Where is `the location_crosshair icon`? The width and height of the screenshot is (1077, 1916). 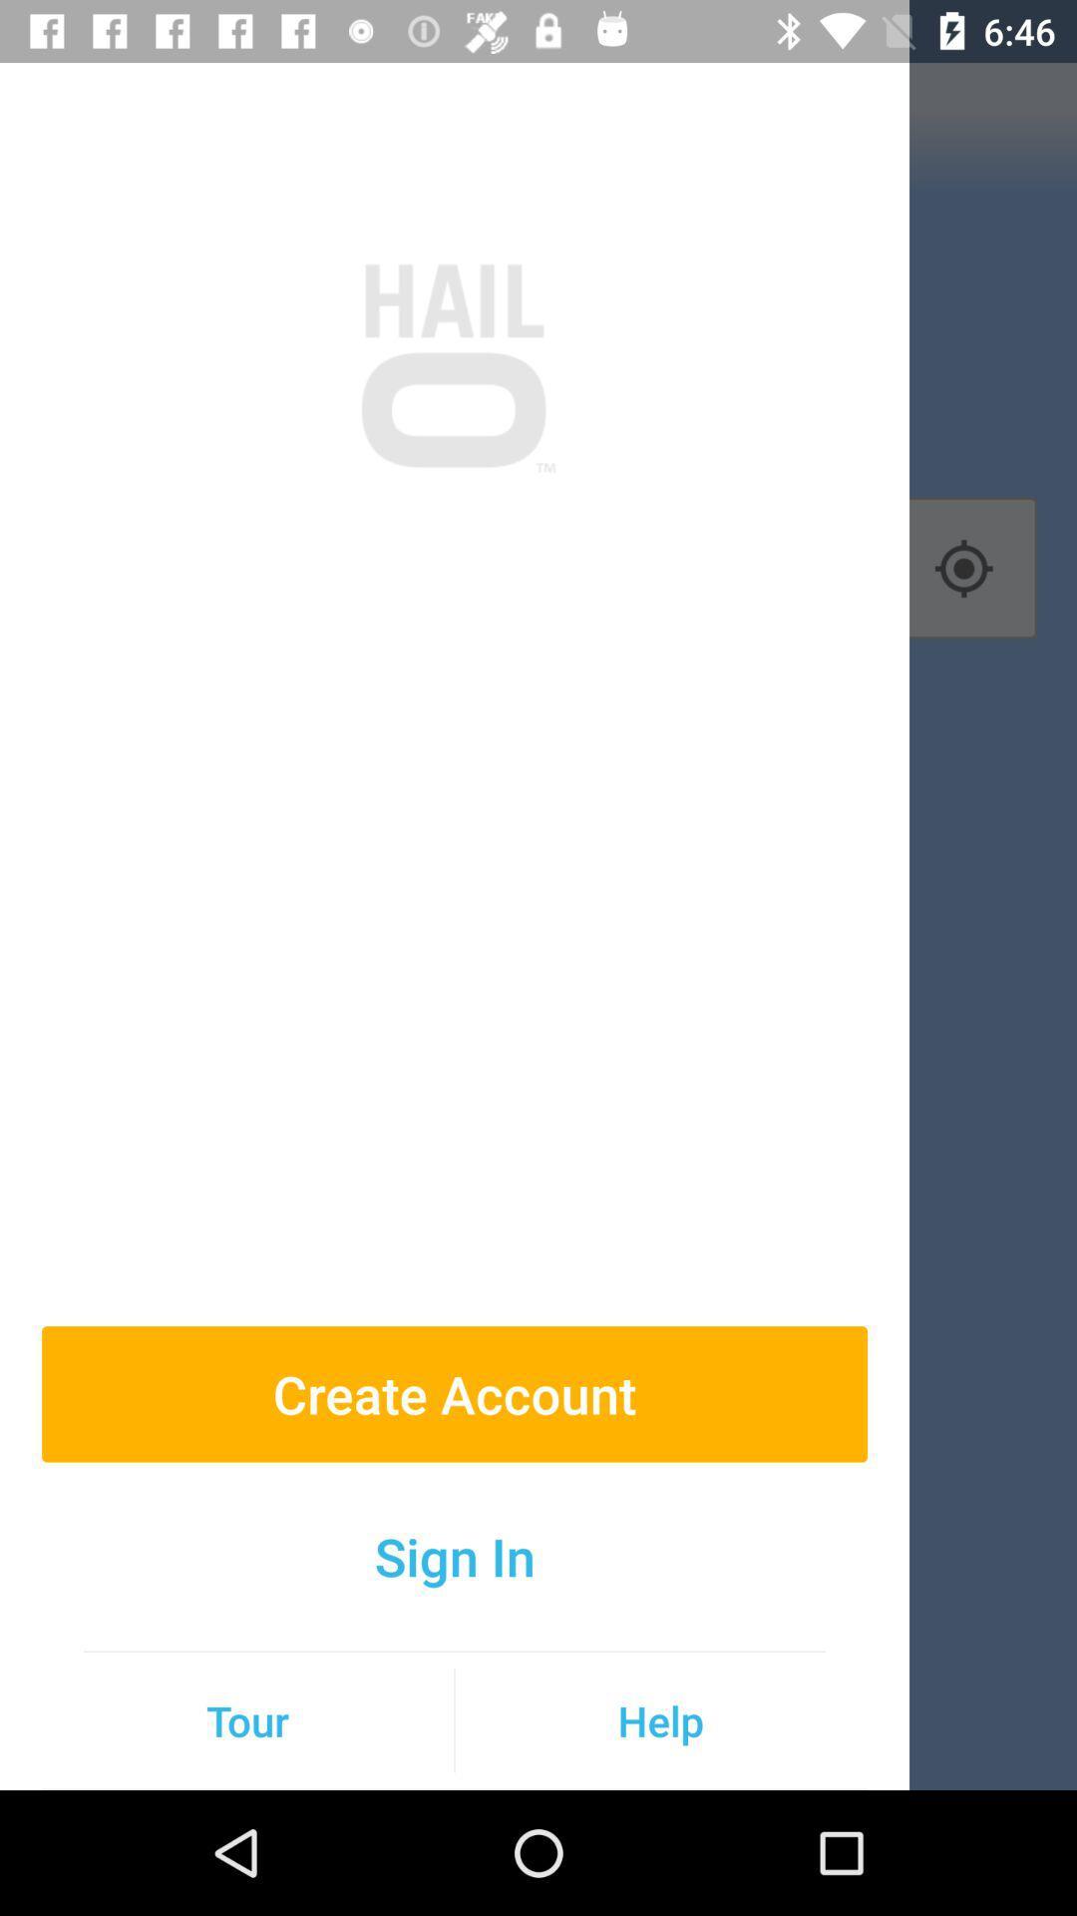 the location_crosshair icon is located at coordinates (962, 568).